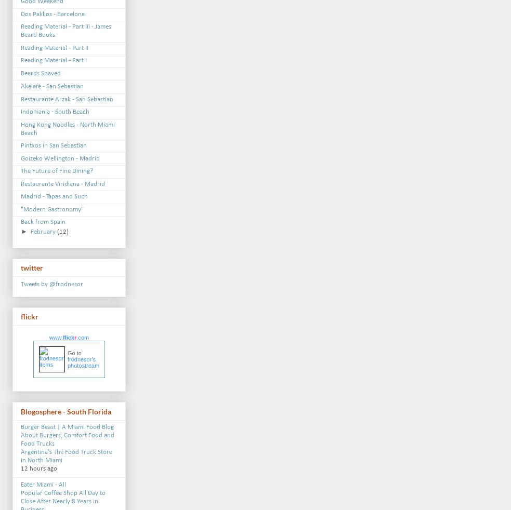 The image size is (511, 510). What do you see at coordinates (66, 98) in the screenshot?
I see `'Restaurante Arzak - San Sebastian'` at bounding box center [66, 98].